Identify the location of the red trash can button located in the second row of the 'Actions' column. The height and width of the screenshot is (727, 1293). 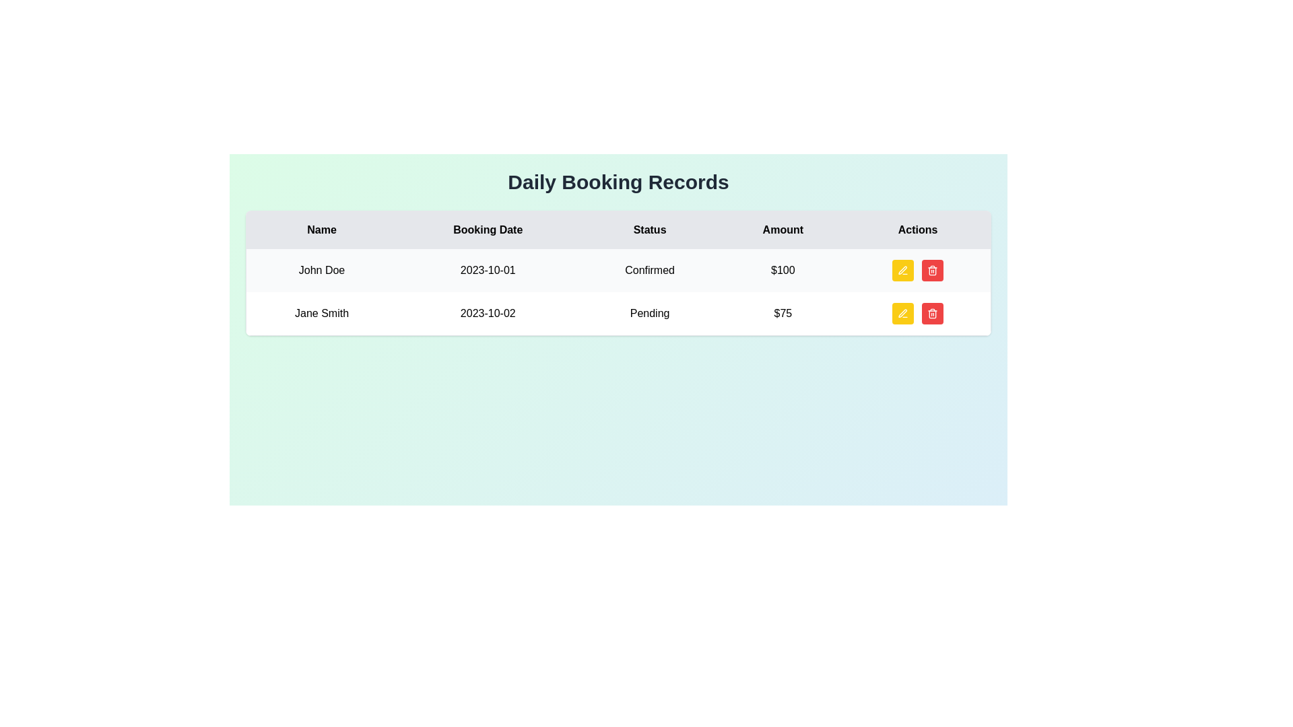
(932, 270).